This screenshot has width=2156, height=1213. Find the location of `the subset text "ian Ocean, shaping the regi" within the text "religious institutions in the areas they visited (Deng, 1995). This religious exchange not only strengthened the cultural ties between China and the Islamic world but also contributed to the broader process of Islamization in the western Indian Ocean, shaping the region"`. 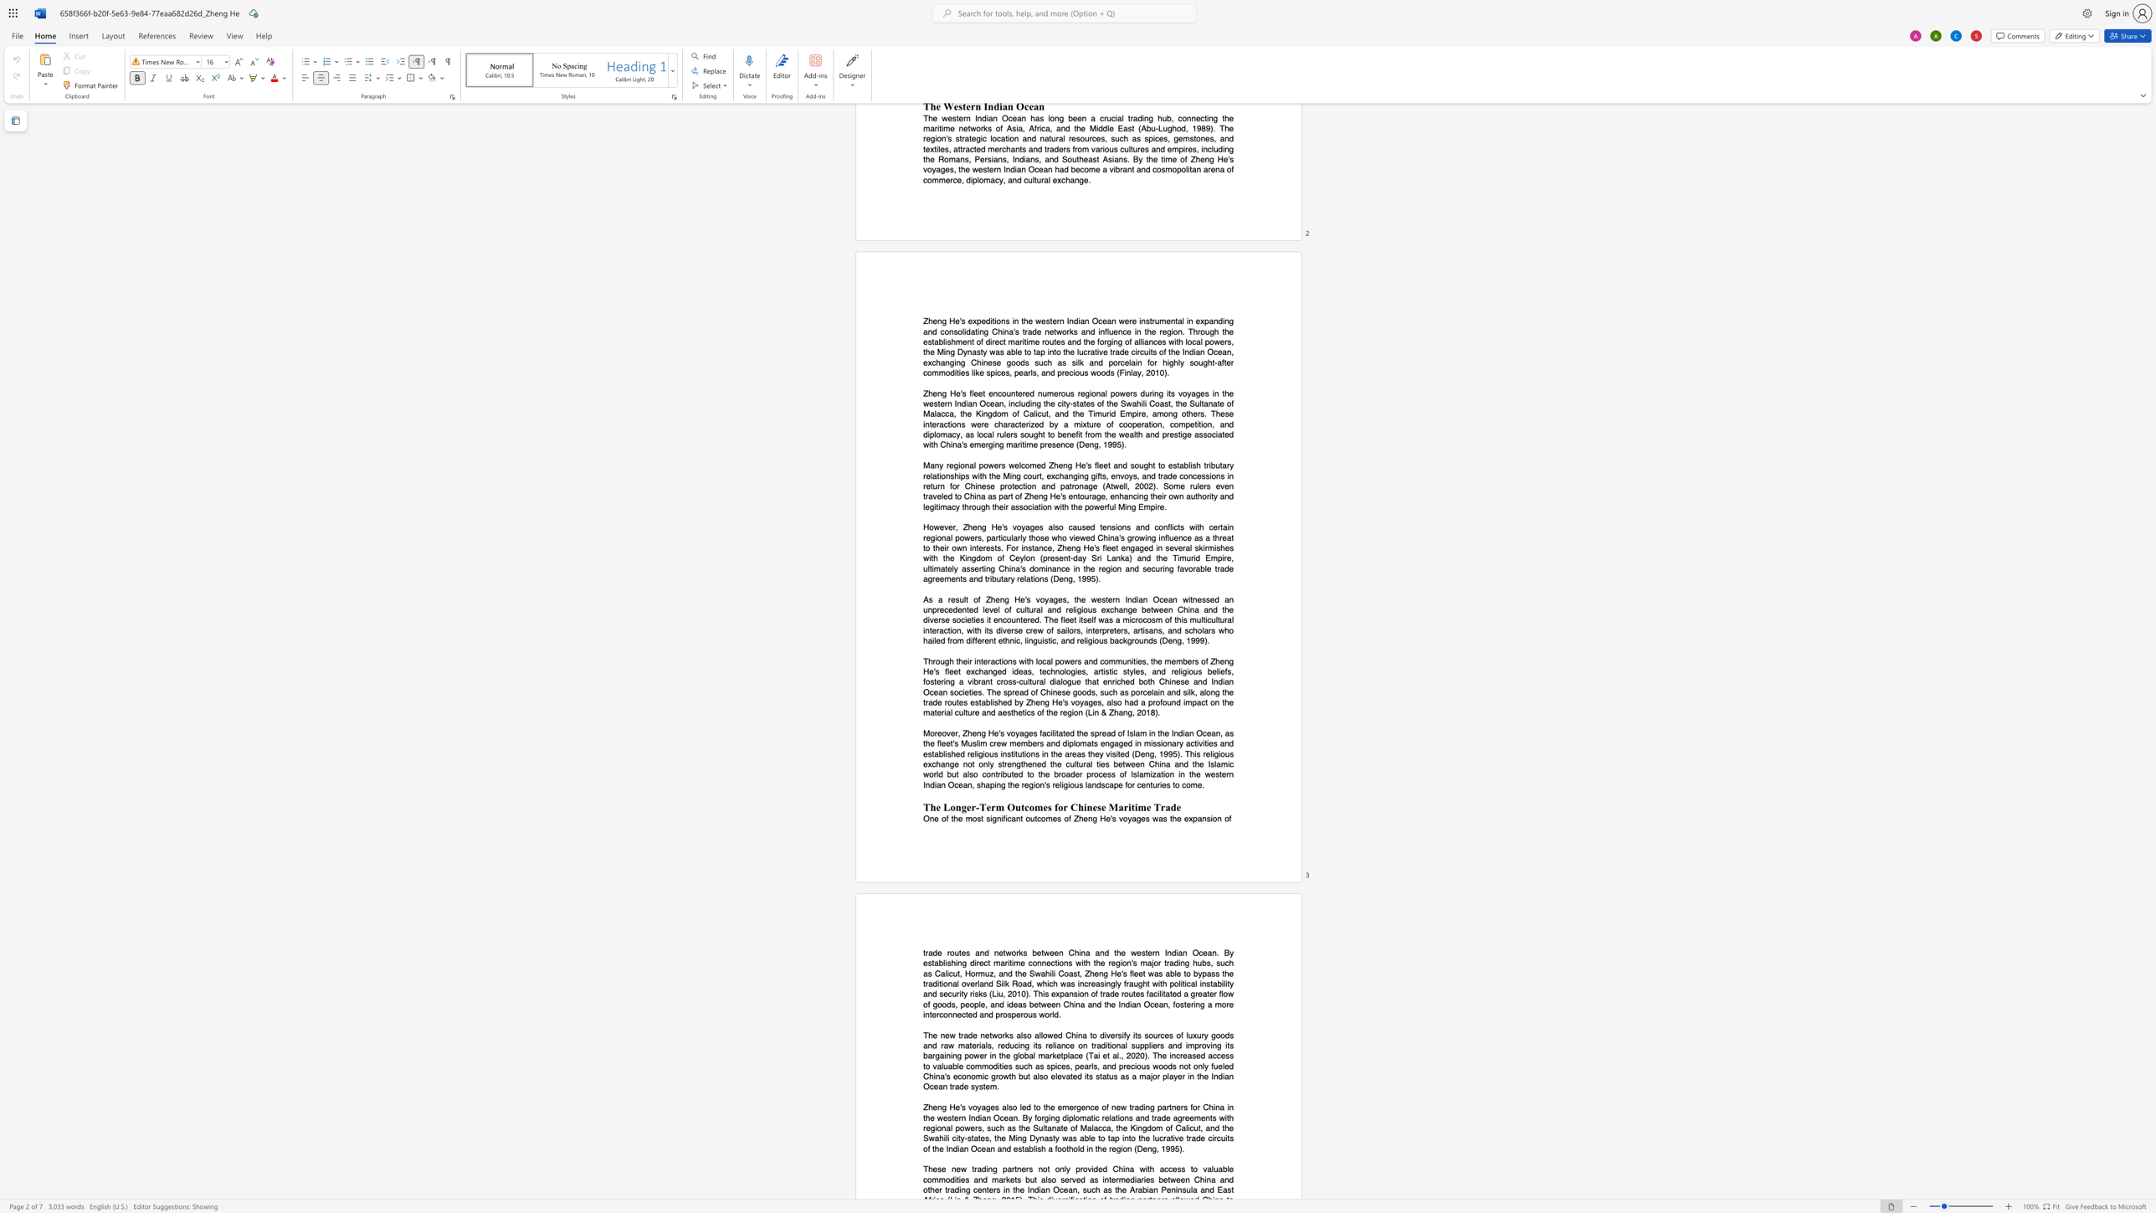

the subset text "ian Ocean, shaping the regi" within the text "religious institutions in the areas they visited (Deng, 1995). This religious exchange not only strengthened the cultural ties between China and the Islamic world but also contributed to the broader process of Islamization in the western Indian Ocean, shaping the region" is located at coordinates (934, 784).